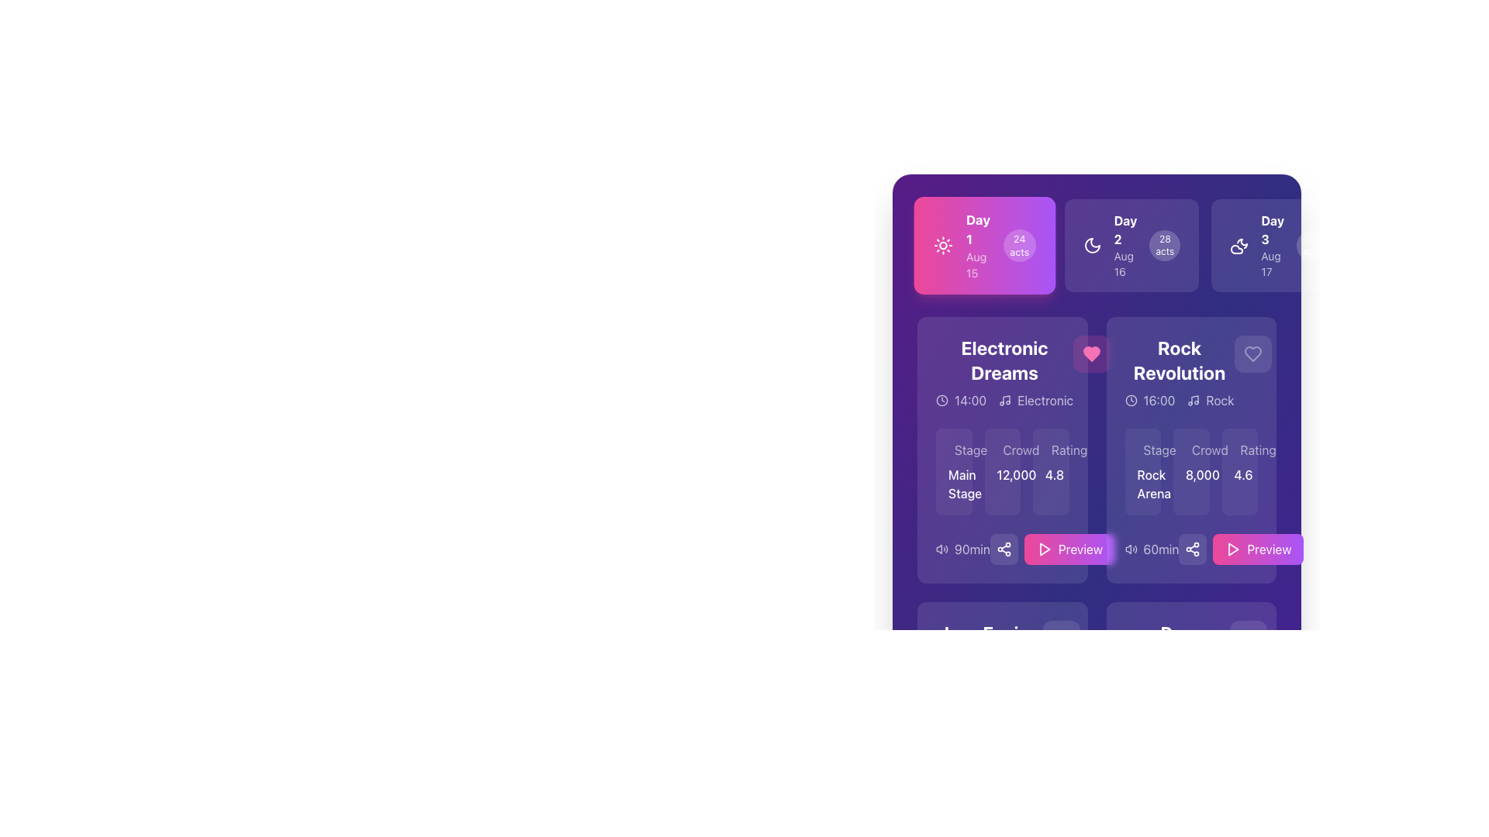 This screenshot has height=837, width=1489. What do you see at coordinates (1131, 244) in the screenshot?
I see `the second button from the left, which represents Day 2 (August 16) in the event schedule` at bounding box center [1131, 244].